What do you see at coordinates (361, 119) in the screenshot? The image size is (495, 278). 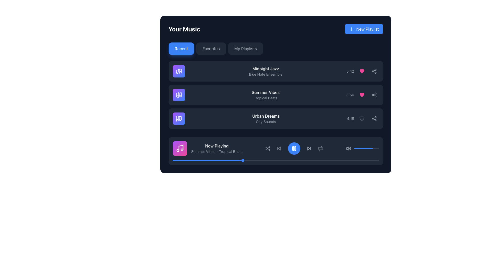 I see `the heart-shaped icon next to the song title 'Urban Dreams'` at bounding box center [361, 119].